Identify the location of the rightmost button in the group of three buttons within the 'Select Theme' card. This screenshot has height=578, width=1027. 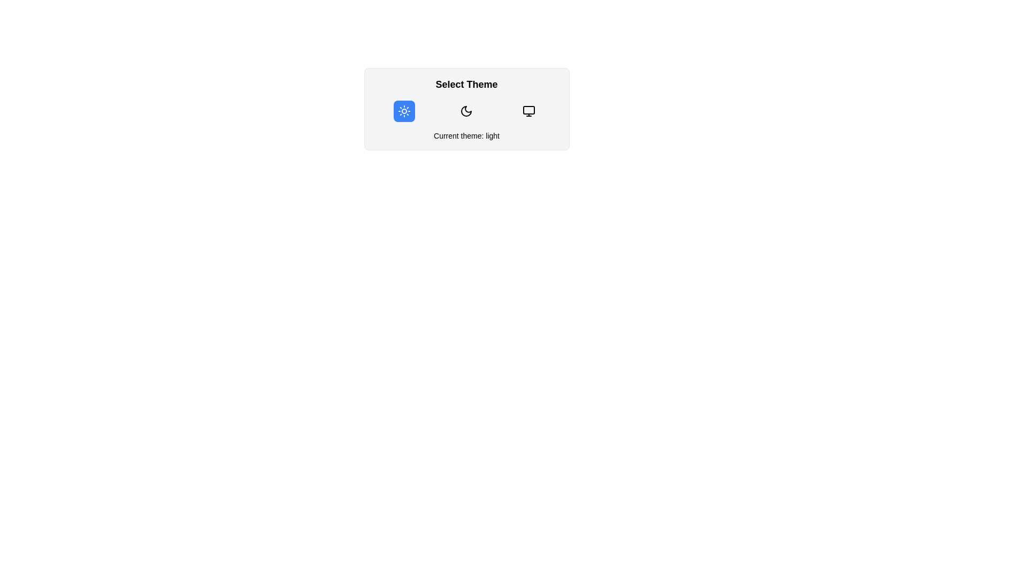
(529, 111).